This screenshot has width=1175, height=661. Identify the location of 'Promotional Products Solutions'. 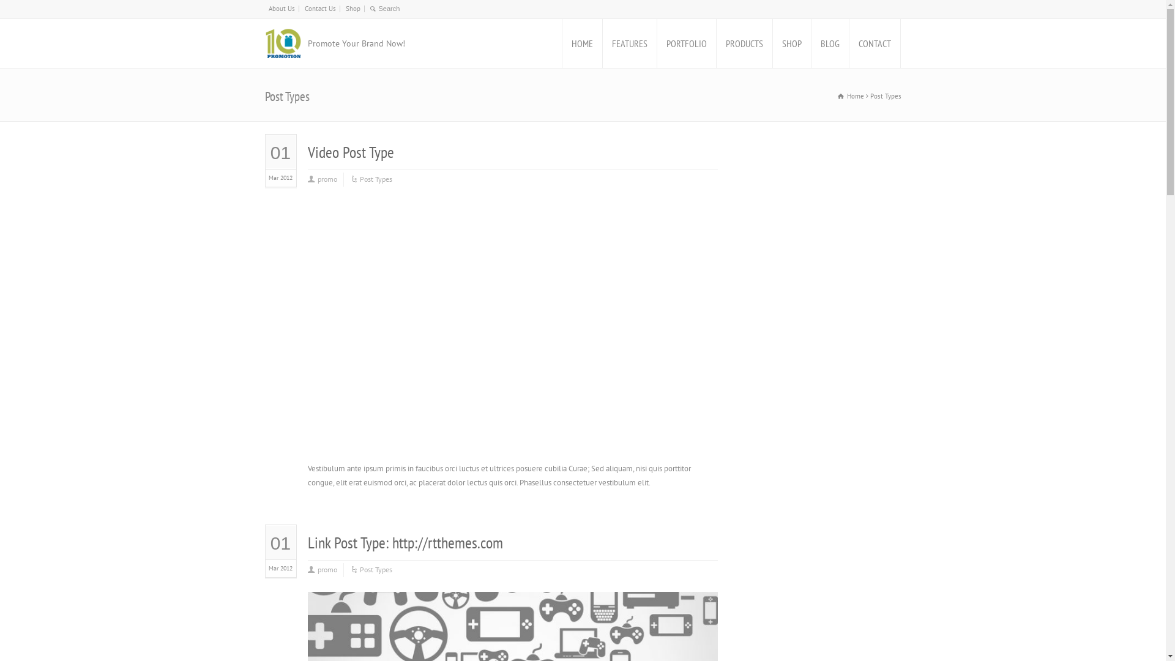
(282, 42).